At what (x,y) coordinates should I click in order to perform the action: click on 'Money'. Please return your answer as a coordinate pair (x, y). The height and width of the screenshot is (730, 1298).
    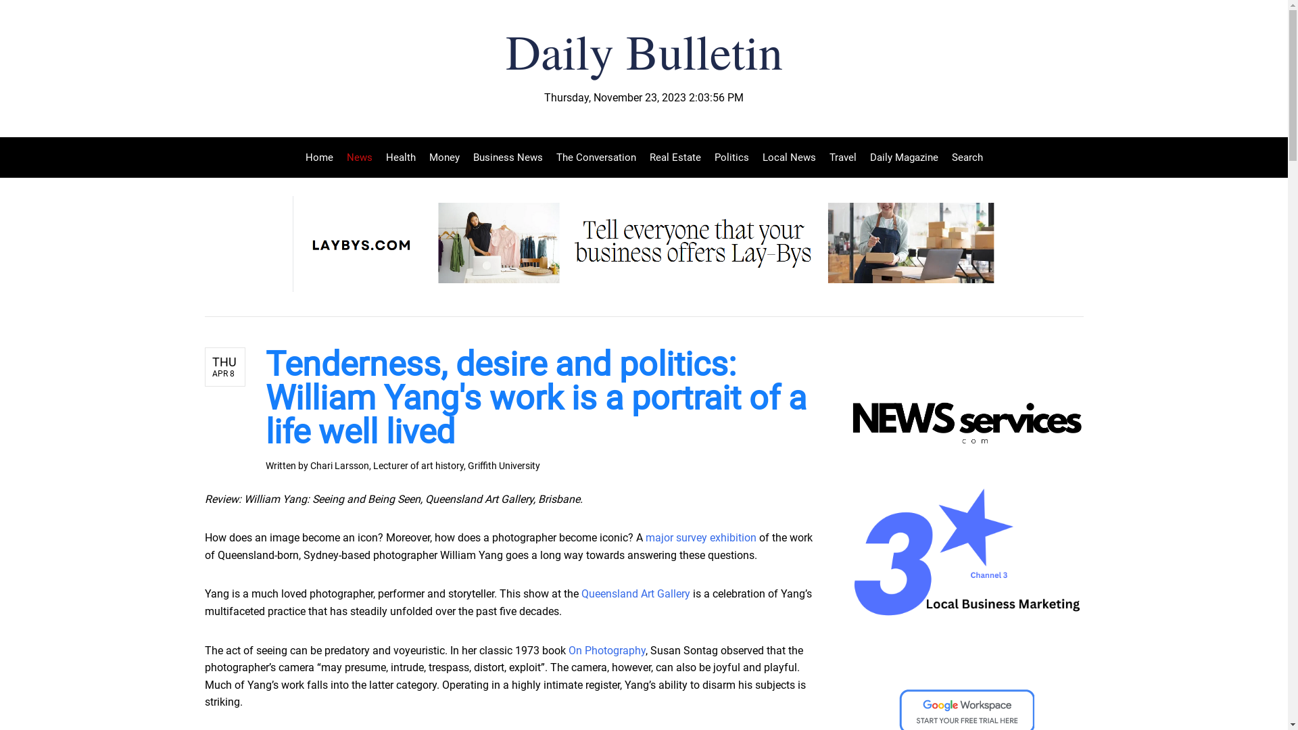
    Looking at the image, I should click on (443, 156).